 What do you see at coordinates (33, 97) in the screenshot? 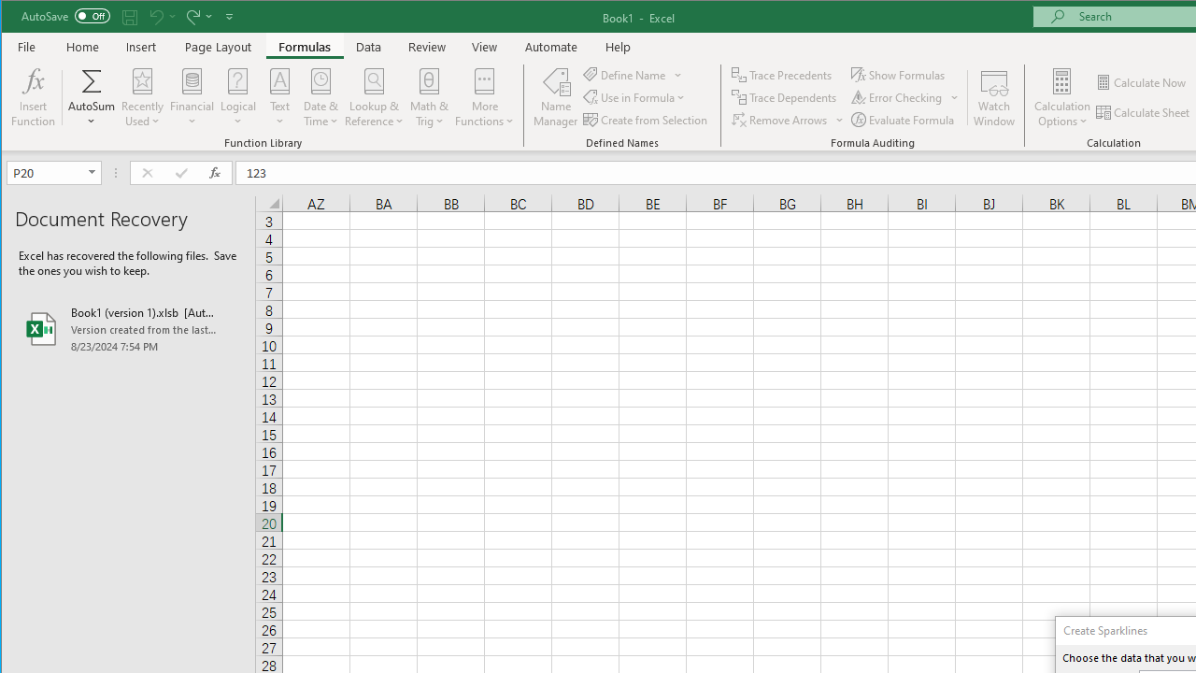
I see `'Insert Function...'` at bounding box center [33, 97].